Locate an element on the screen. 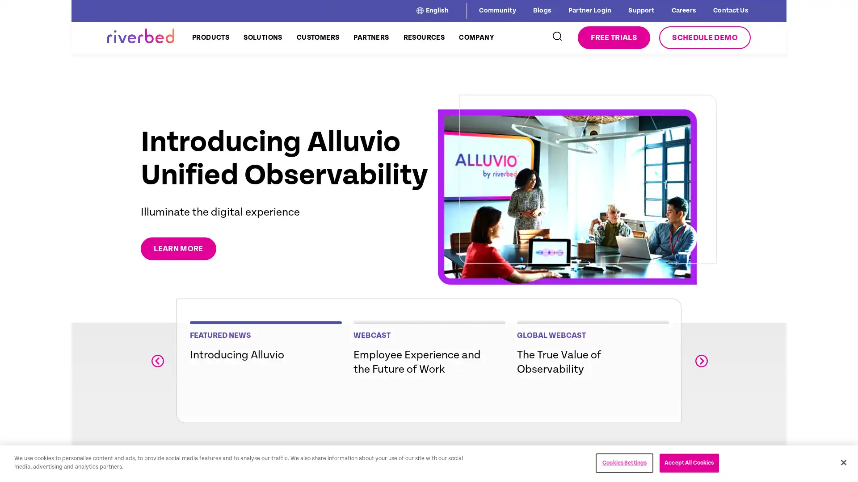 Image resolution: width=858 pixels, height=482 pixels. Cookies Settings is located at coordinates (624, 462).